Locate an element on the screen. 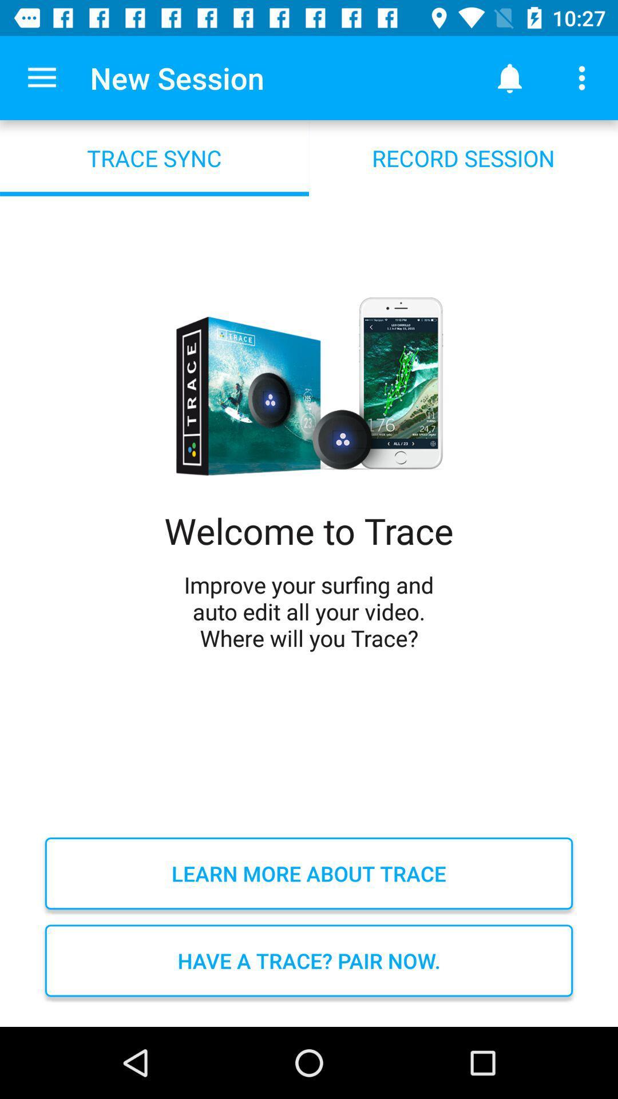 The image size is (618, 1099). the have a trace is located at coordinates (309, 960).